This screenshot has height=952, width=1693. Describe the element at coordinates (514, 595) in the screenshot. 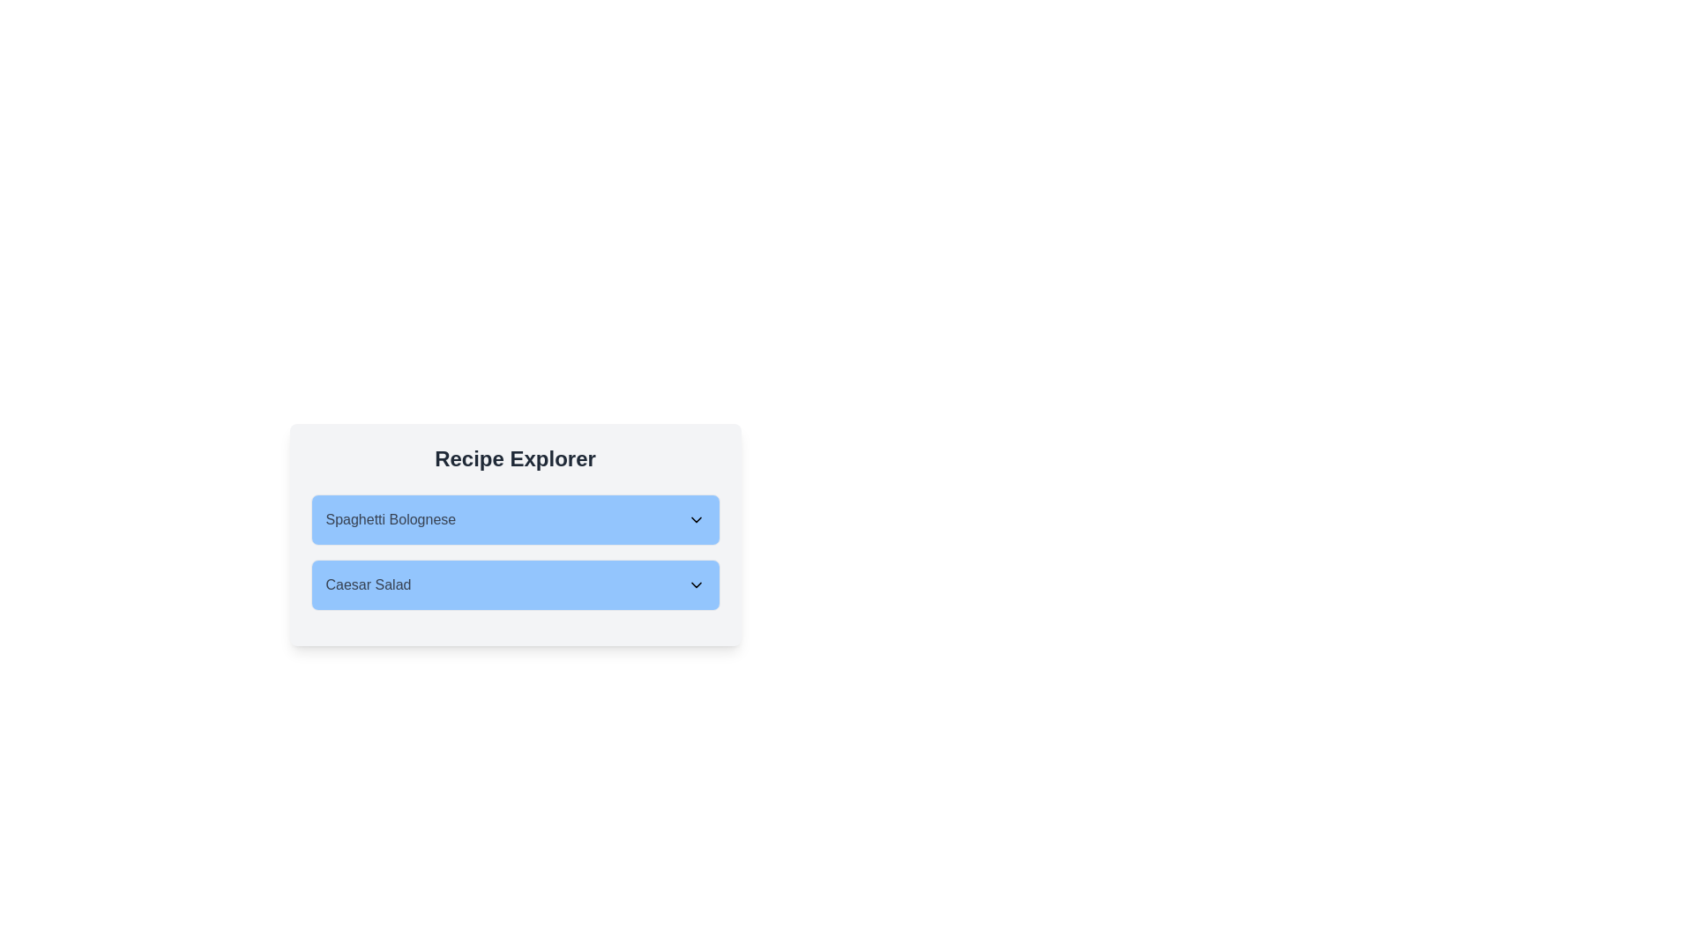

I see `the 'Caesar Salad' dropdown menu item located within the 'Recipe Explorer' card, positioned below the 'Spaghetti Bolognese' option` at that location.